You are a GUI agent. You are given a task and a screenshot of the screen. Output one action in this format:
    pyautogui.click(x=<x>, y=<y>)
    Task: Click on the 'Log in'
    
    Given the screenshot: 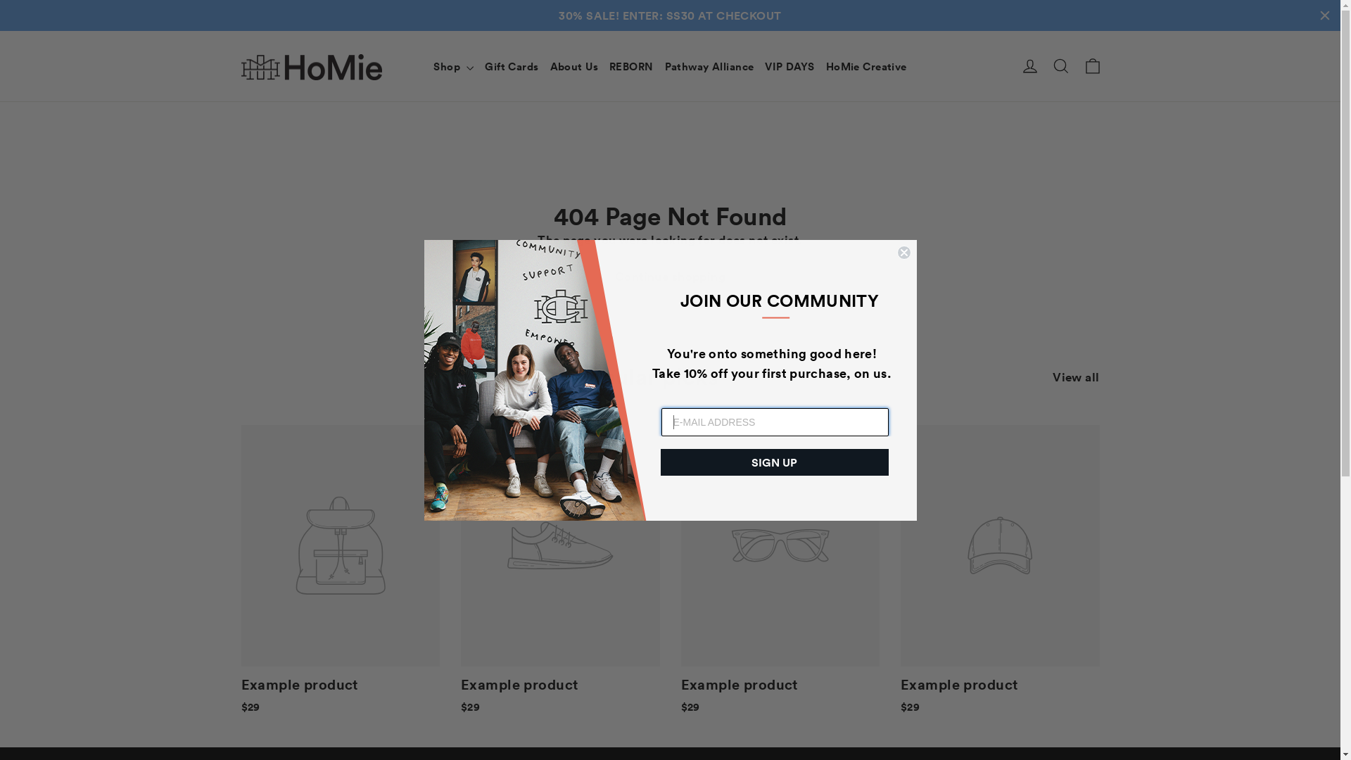 What is the action you would take?
    pyautogui.click(x=1014, y=34)
    